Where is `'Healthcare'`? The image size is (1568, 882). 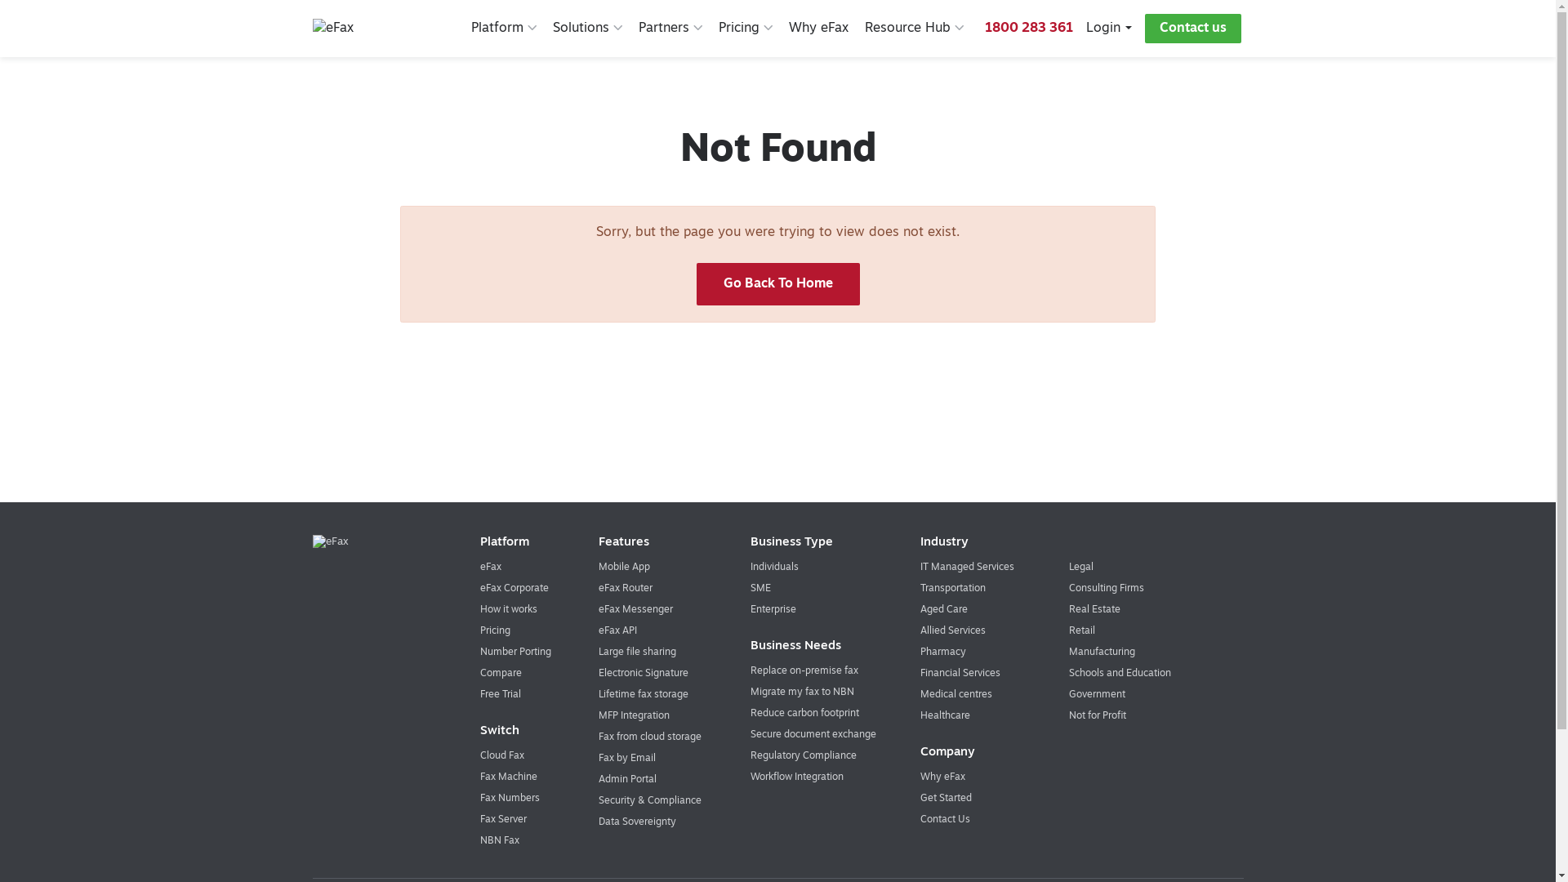 'Healthcare' is located at coordinates (945, 715).